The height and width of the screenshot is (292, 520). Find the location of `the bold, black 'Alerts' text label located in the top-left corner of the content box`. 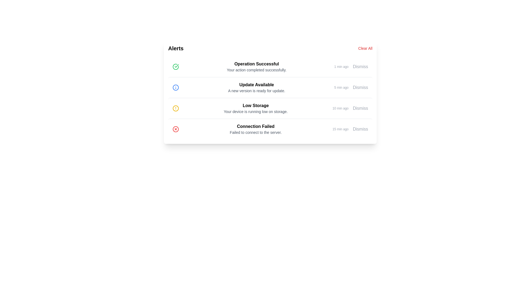

the bold, black 'Alerts' text label located in the top-left corner of the content box is located at coordinates (176, 48).